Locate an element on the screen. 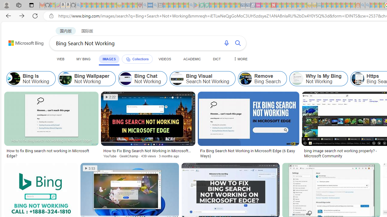  'How to fix Bing search not working in Microsoft Edge?' is located at coordinates (51, 153).